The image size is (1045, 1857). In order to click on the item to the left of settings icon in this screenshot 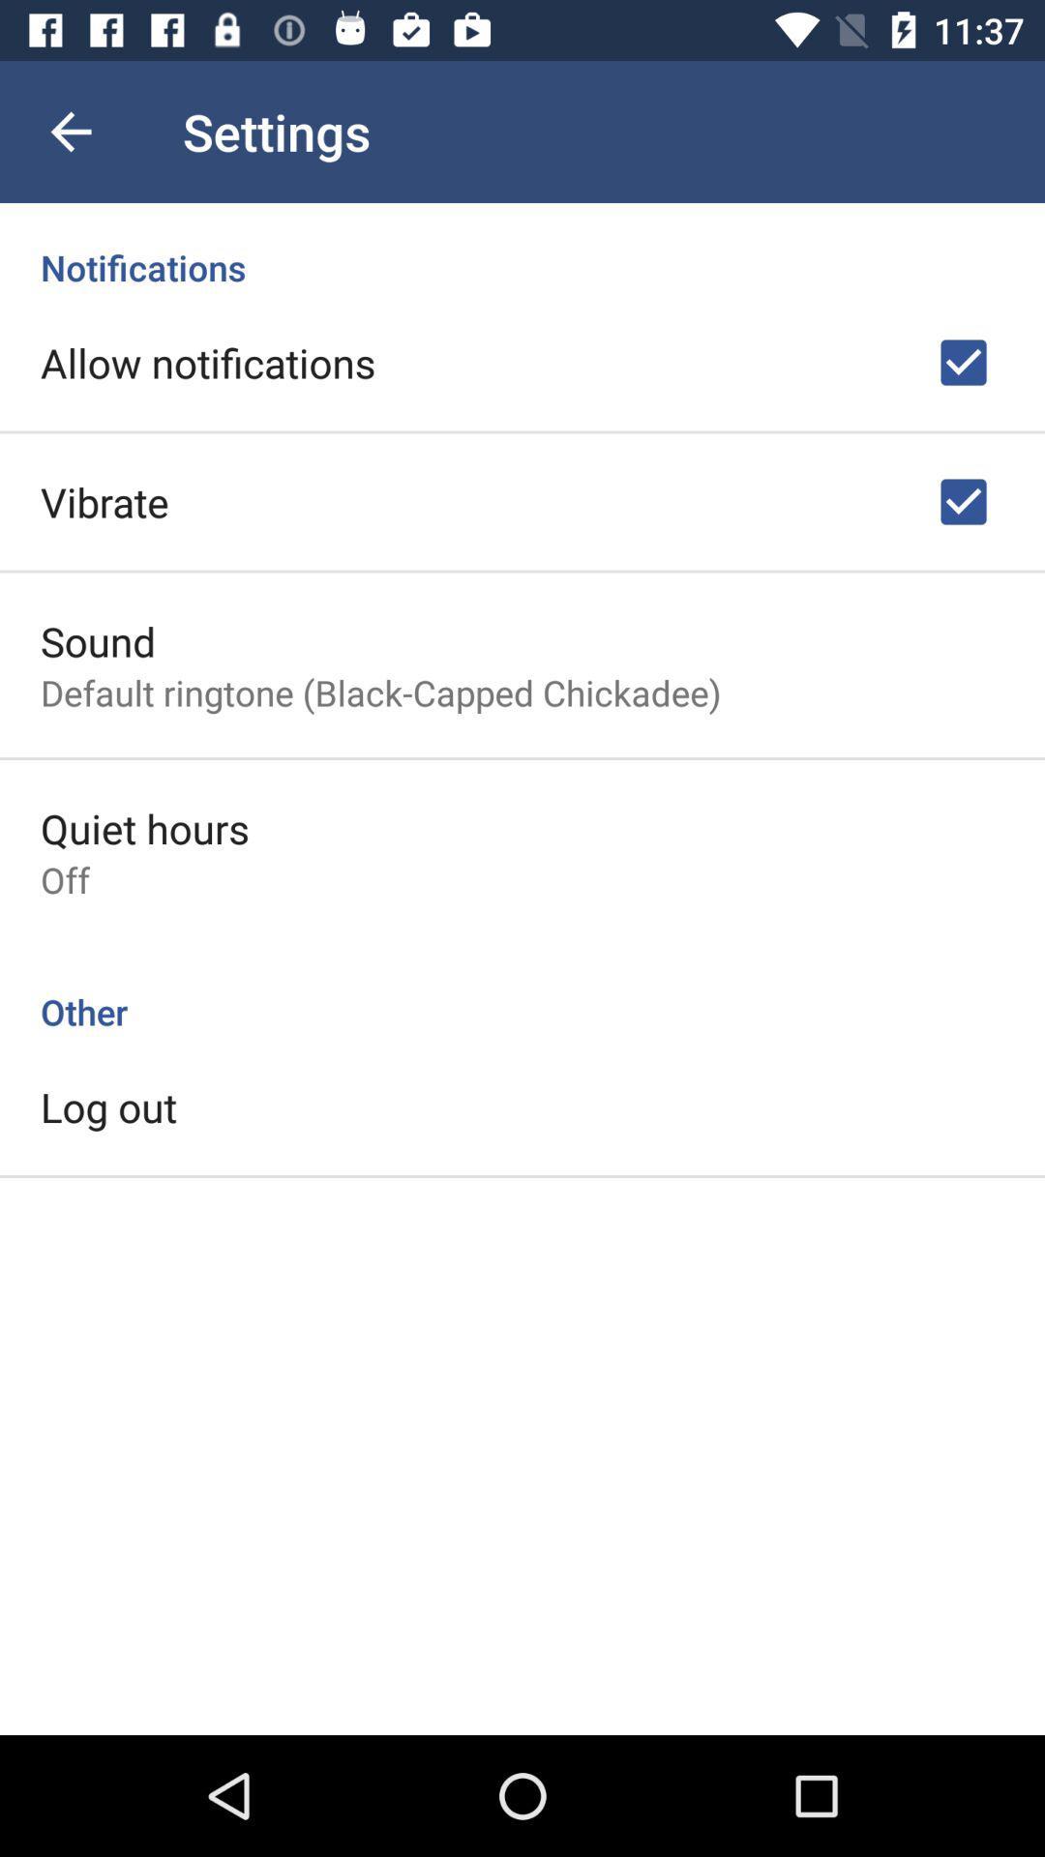, I will do `click(70, 131)`.